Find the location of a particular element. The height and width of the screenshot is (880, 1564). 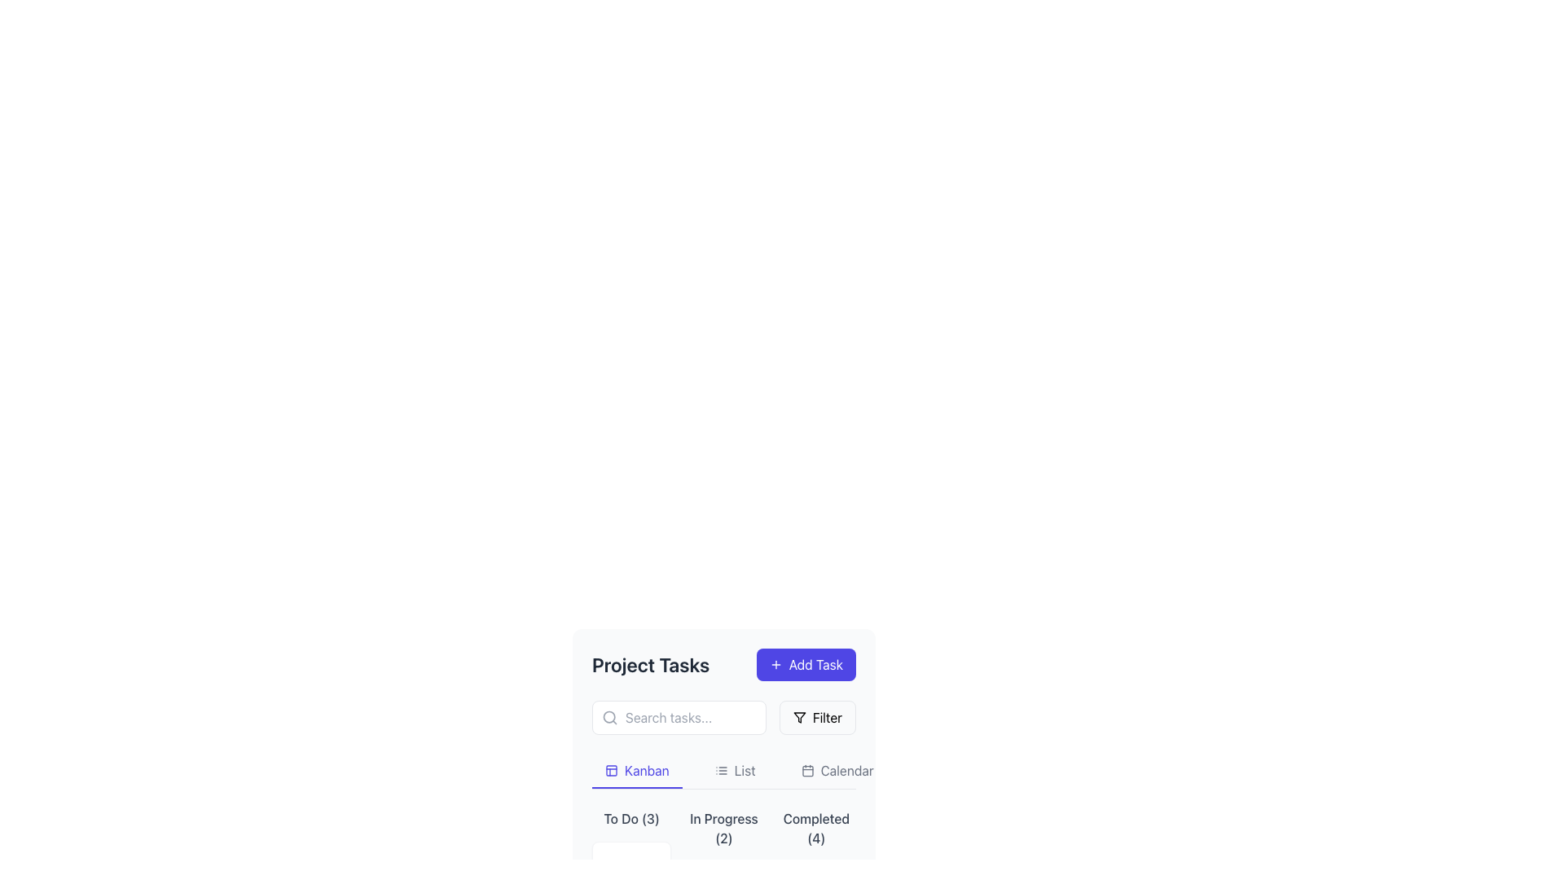

static text label displaying 'In Progress (2)', which is styled in gray and located centrally within the project tasks section is located at coordinates (723, 829).